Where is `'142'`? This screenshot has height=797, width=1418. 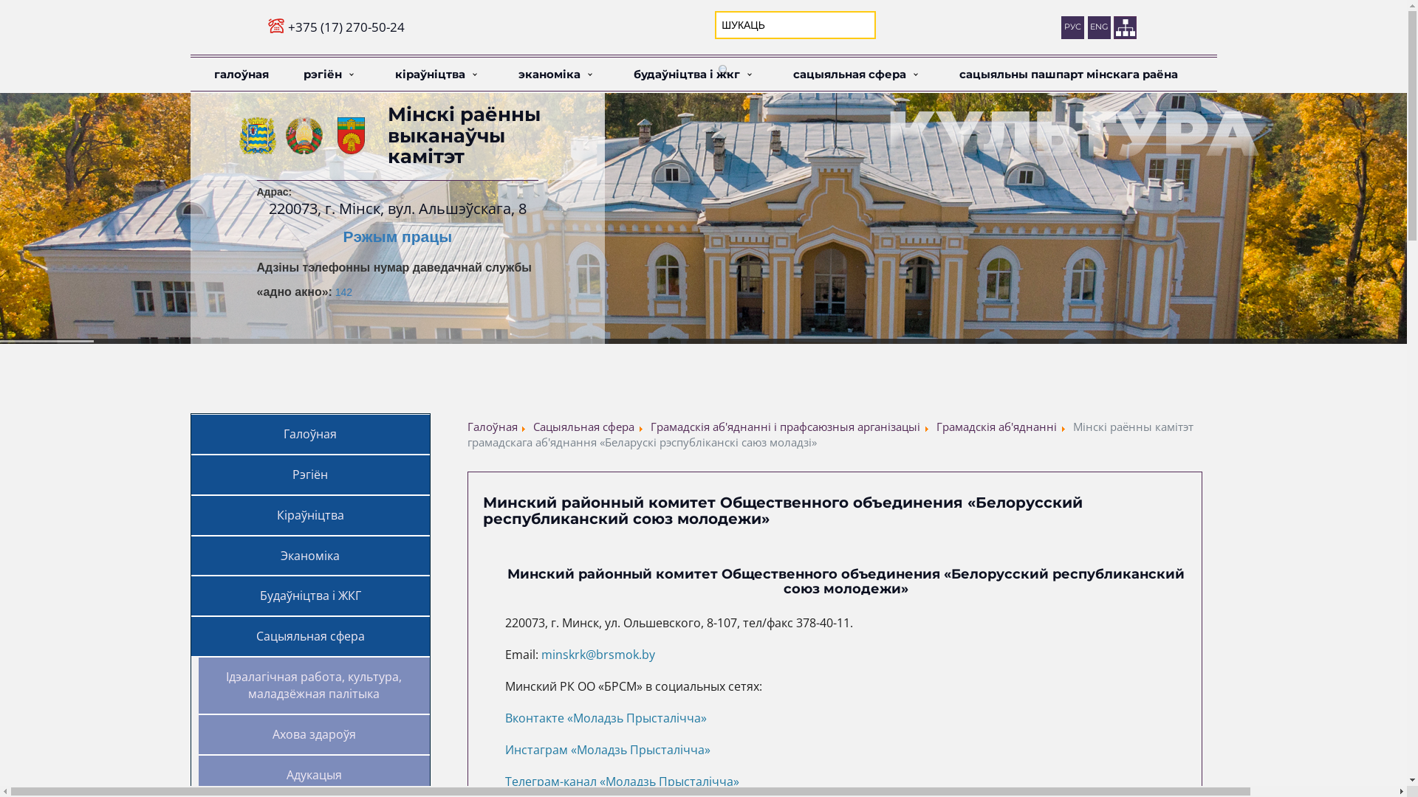 '142' is located at coordinates (343, 292).